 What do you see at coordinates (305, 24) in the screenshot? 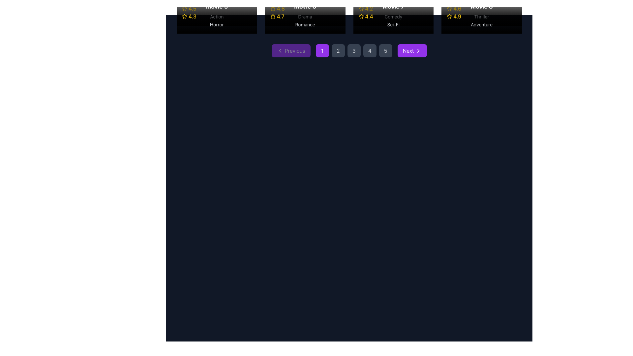
I see `text of the genre label located at the bottom of the movie card for 'Movie 6', which is positioned under the title and rating score` at bounding box center [305, 24].